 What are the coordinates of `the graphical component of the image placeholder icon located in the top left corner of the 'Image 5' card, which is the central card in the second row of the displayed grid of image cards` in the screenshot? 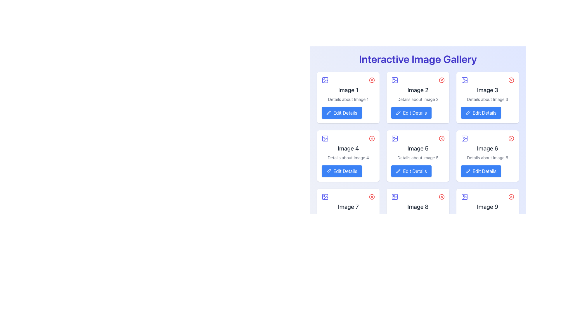 It's located at (395, 138).